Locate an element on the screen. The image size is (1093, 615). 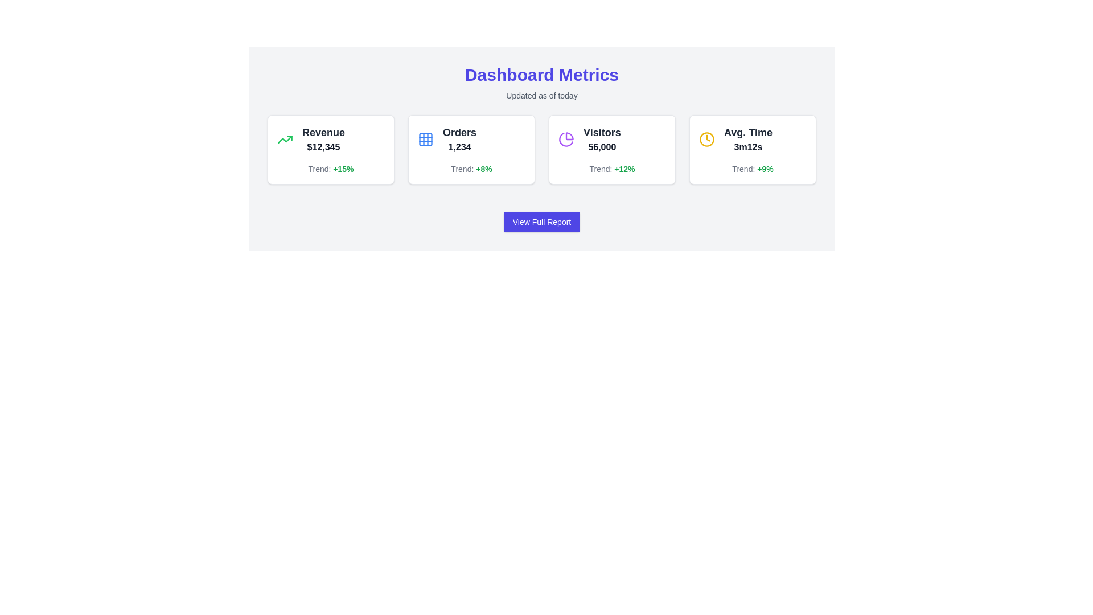
the Text label indicating a 12% increase for the 'Visitors' metric located in the 'Trend' section of the middle metric card is located at coordinates (624, 169).